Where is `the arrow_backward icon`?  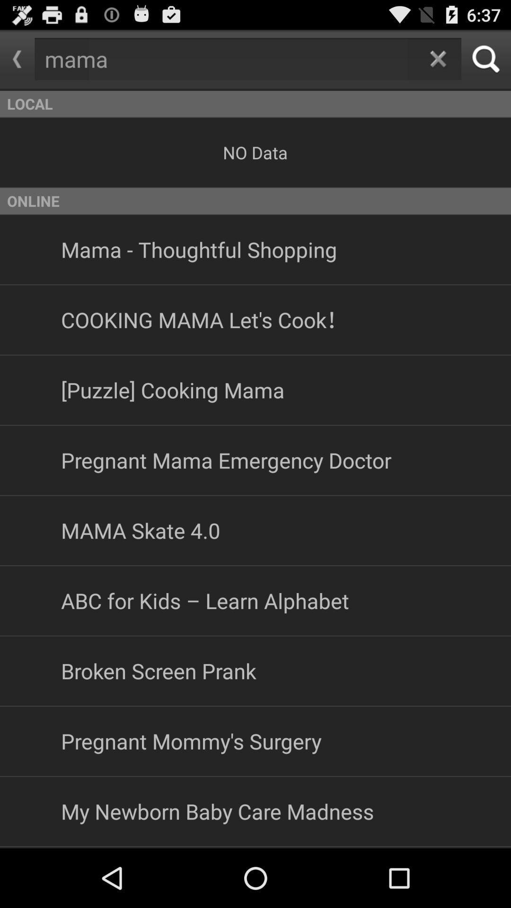 the arrow_backward icon is located at coordinates (17, 63).